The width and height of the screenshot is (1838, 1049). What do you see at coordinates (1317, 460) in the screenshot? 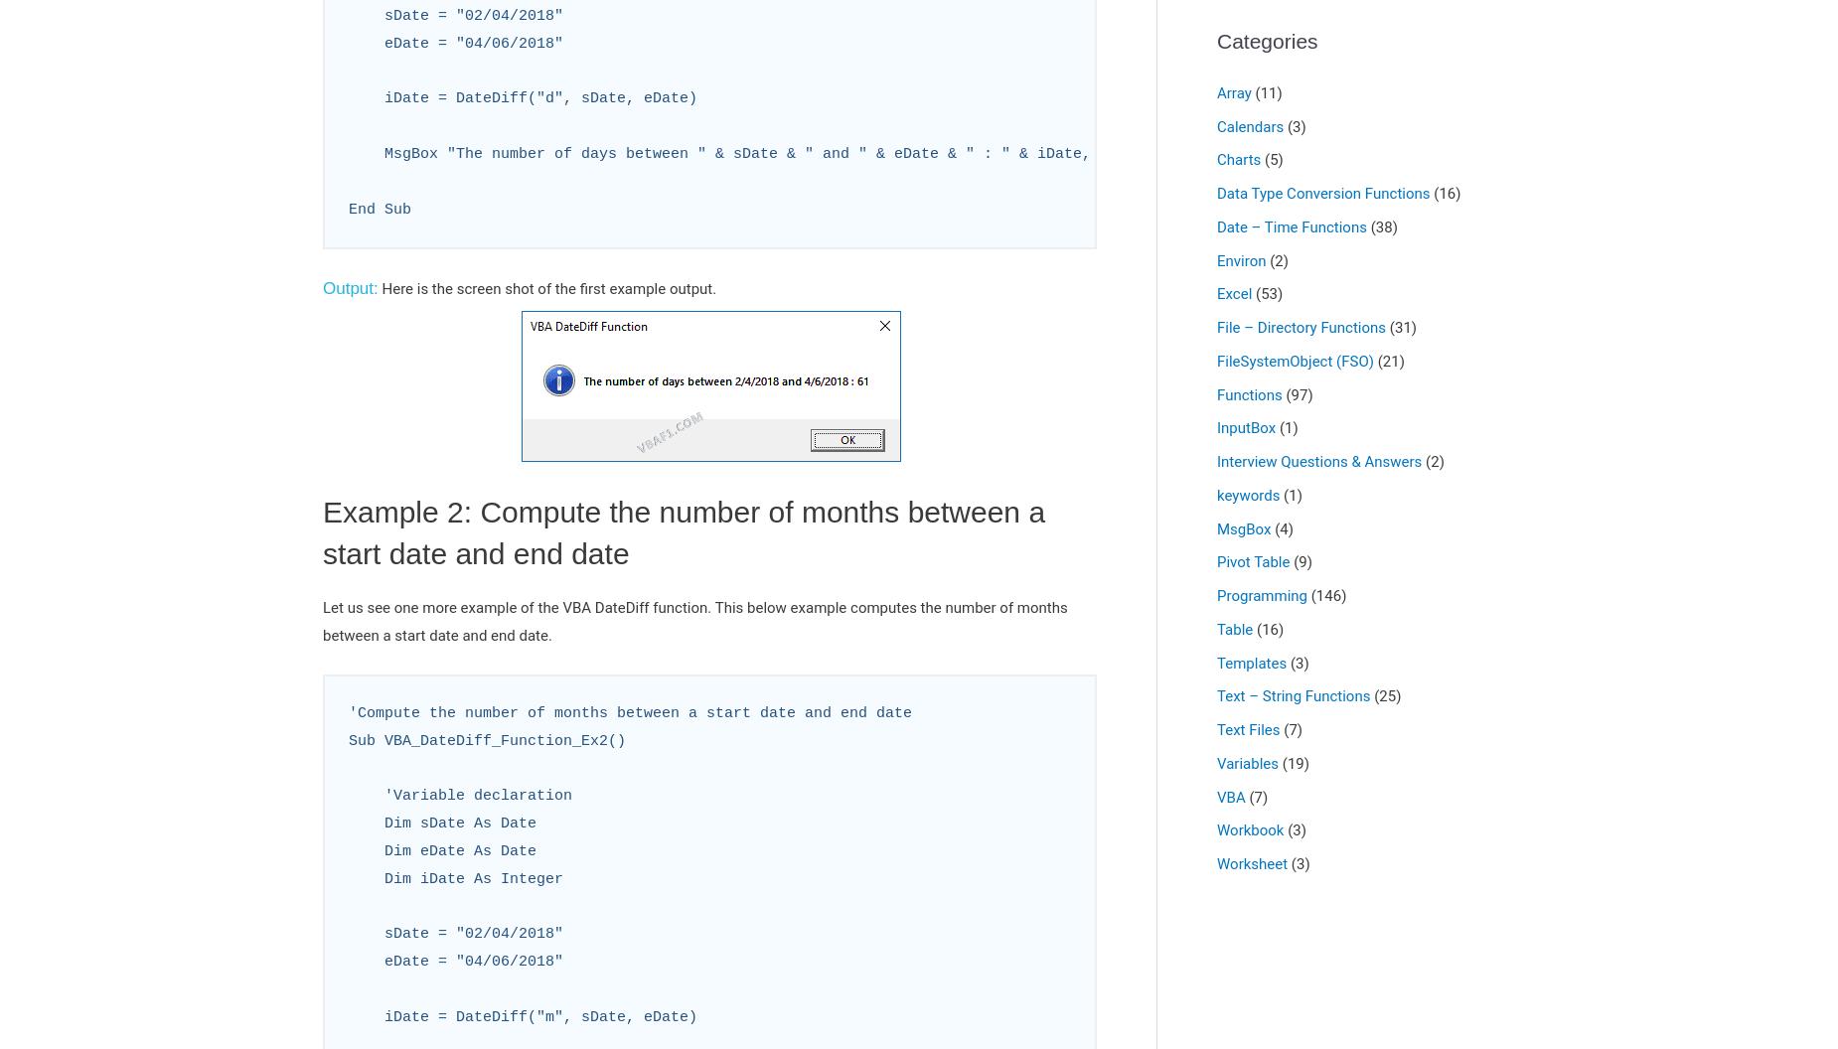
I see `'Interview Questions & Answers'` at bounding box center [1317, 460].